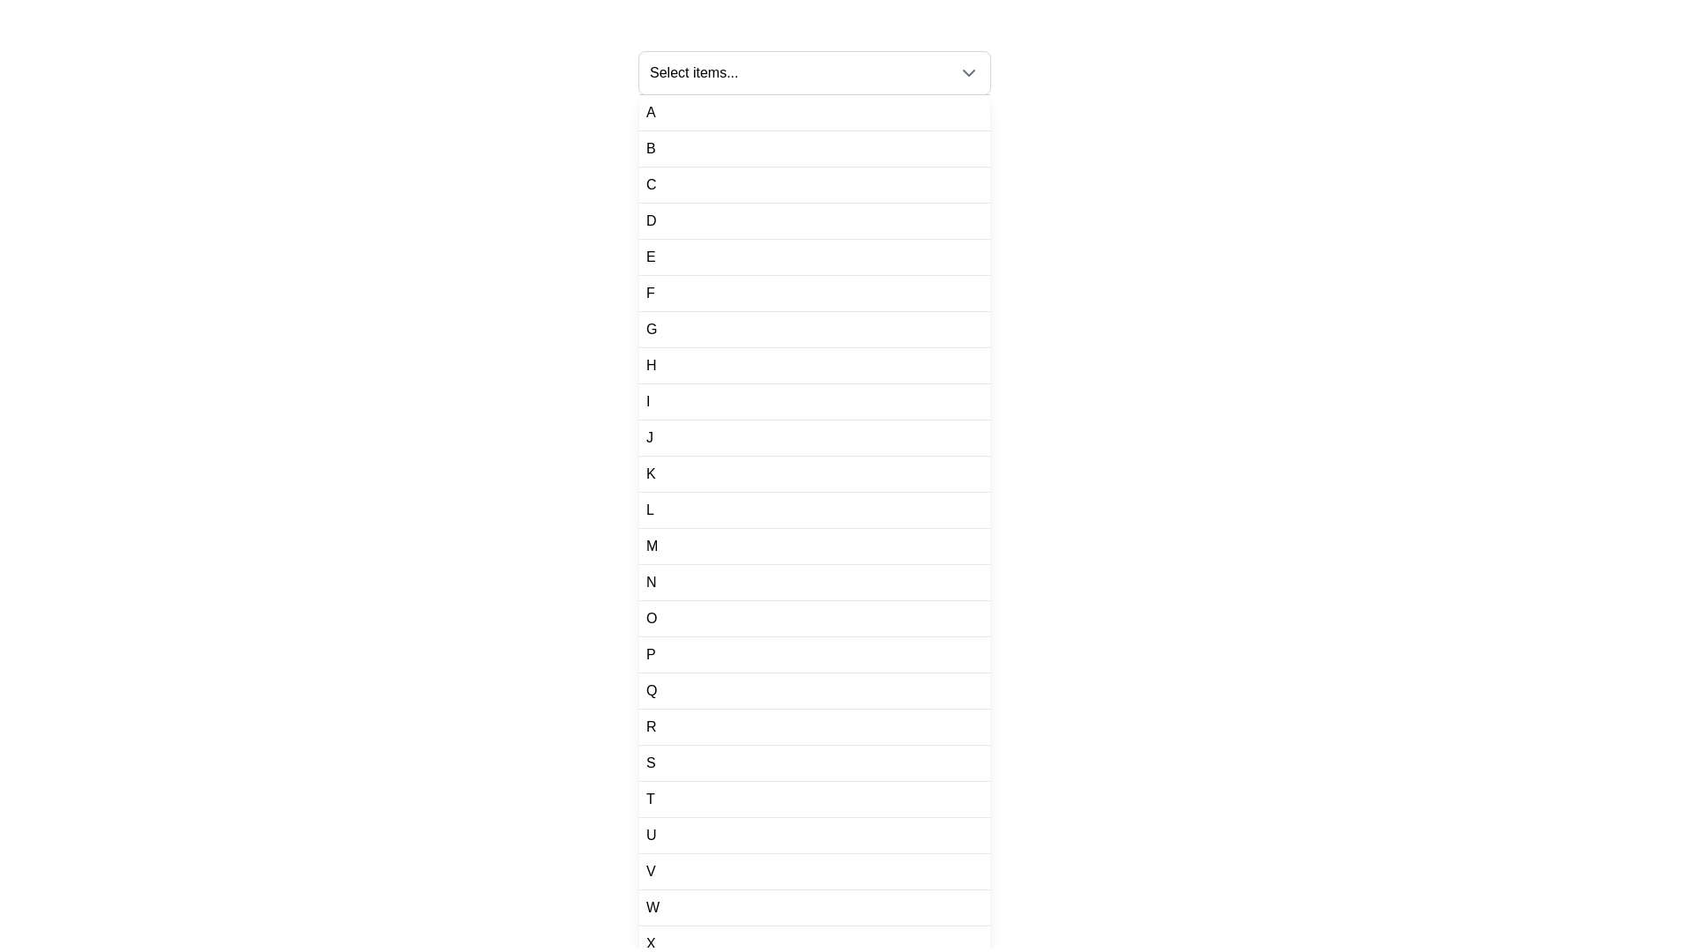 The height and width of the screenshot is (952, 1693). I want to click on the selectable list item displaying the letter 'F' in black font within the dropdown panel, so click(814, 293).